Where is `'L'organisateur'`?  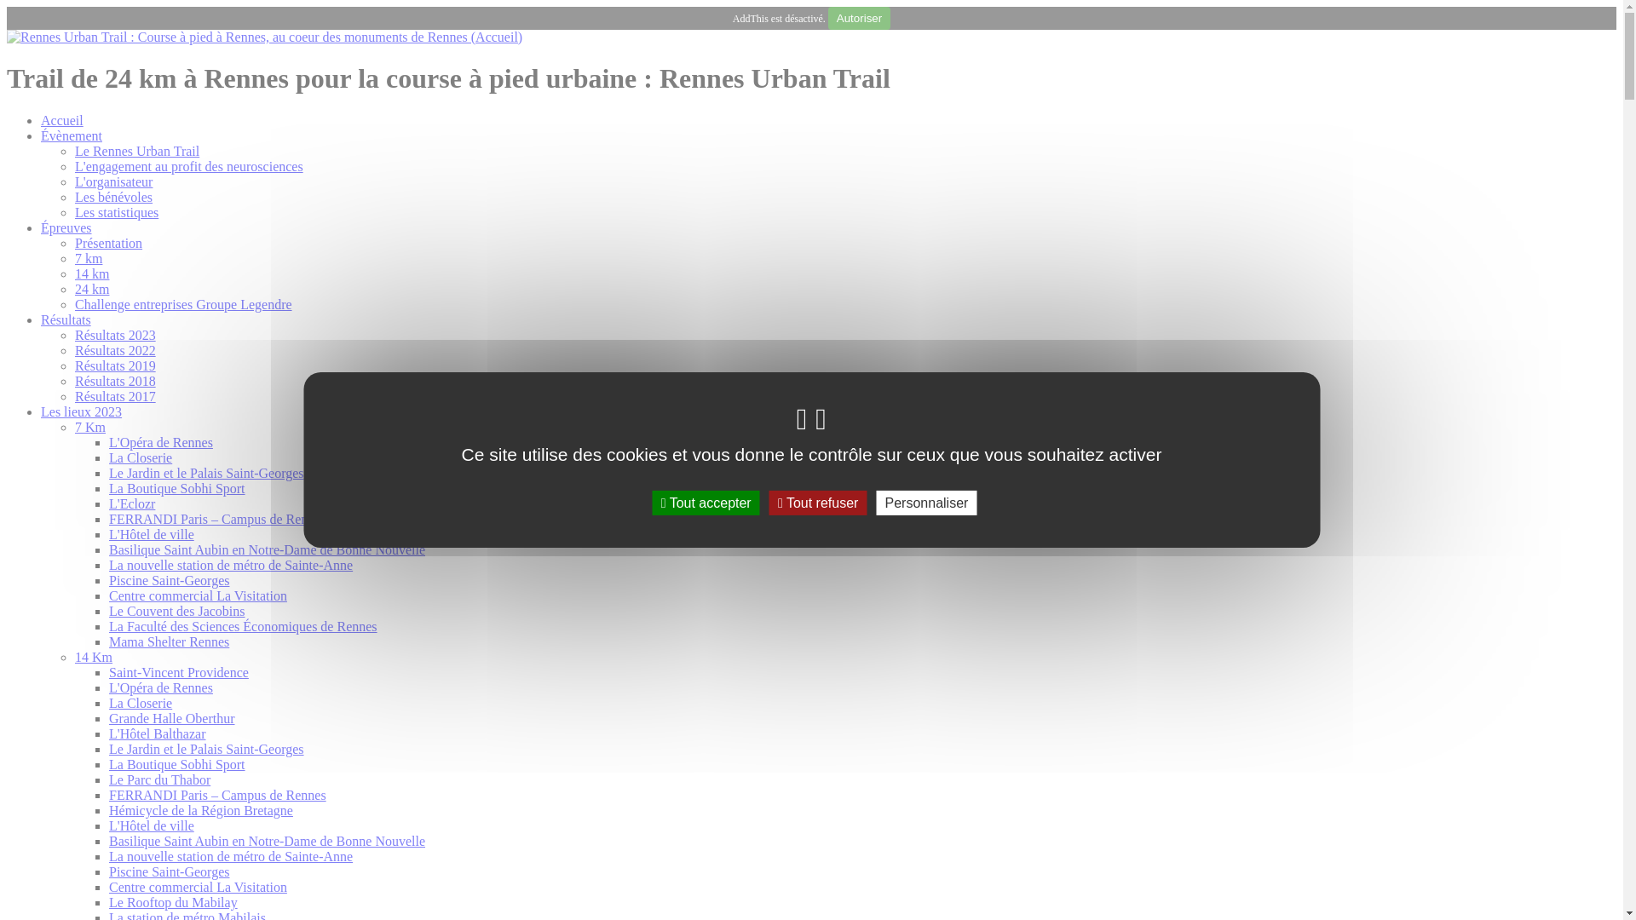
'L'organisateur' is located at coordinates (112, 181).